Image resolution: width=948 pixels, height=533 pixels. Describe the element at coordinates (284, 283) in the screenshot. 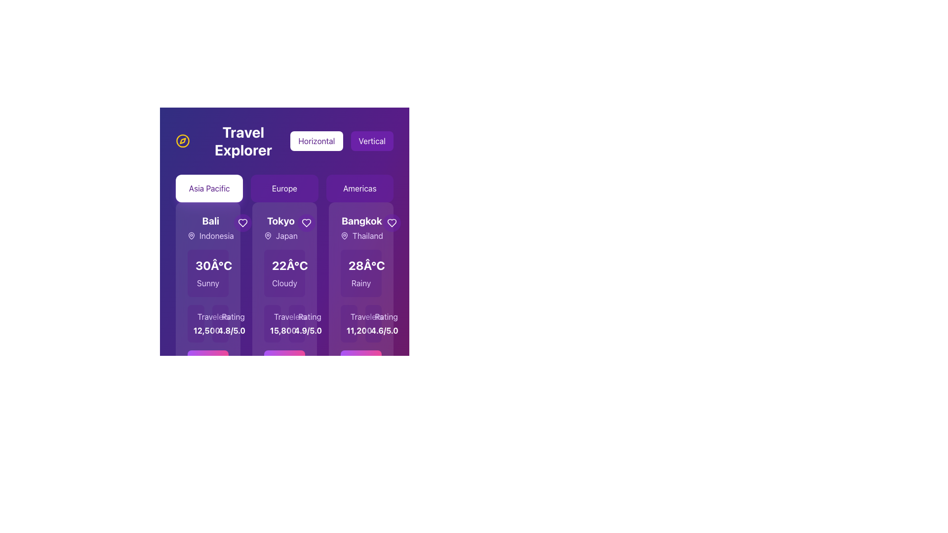

I see `text label that provides descriptive information about the weather condition in Tokyo, located beneath the '22°C' temperature information on the weather card in the 'Europe' section` at that location.